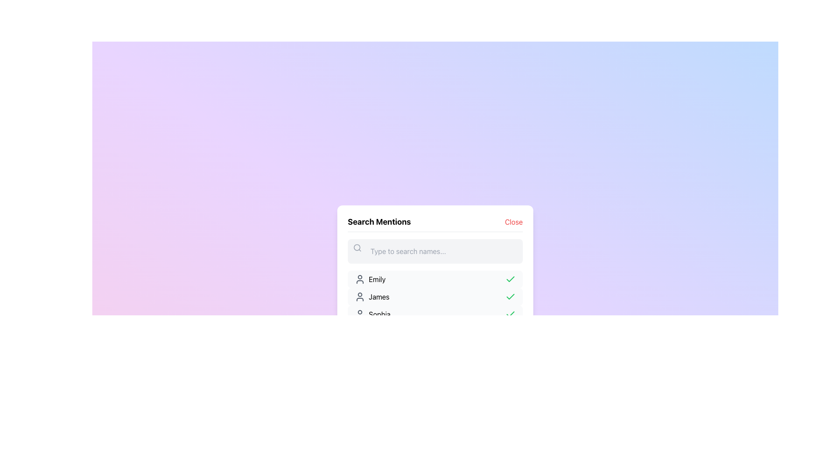 The width and height of the screenshot is (840, 473). I want to click on on the list item representing the user 'James', so click(435, 296).